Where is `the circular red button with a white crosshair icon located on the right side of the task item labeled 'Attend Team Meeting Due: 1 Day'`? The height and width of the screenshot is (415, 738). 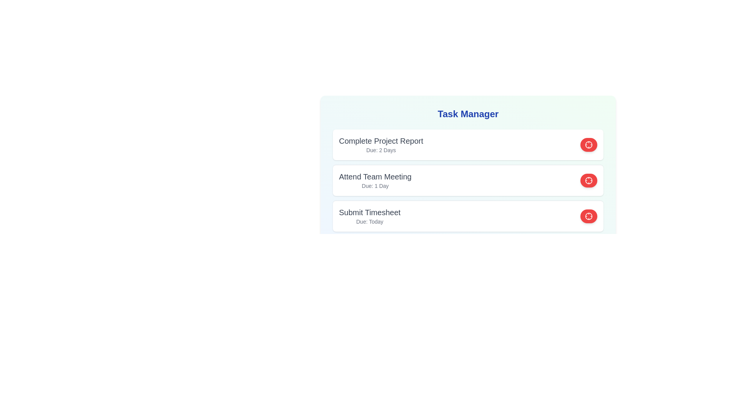 the circular red button with a white crosshair icon located on the right side of the task item labeled 'Attend Team Meeting Due: 1 Day' is located at coordinates (588, 181).